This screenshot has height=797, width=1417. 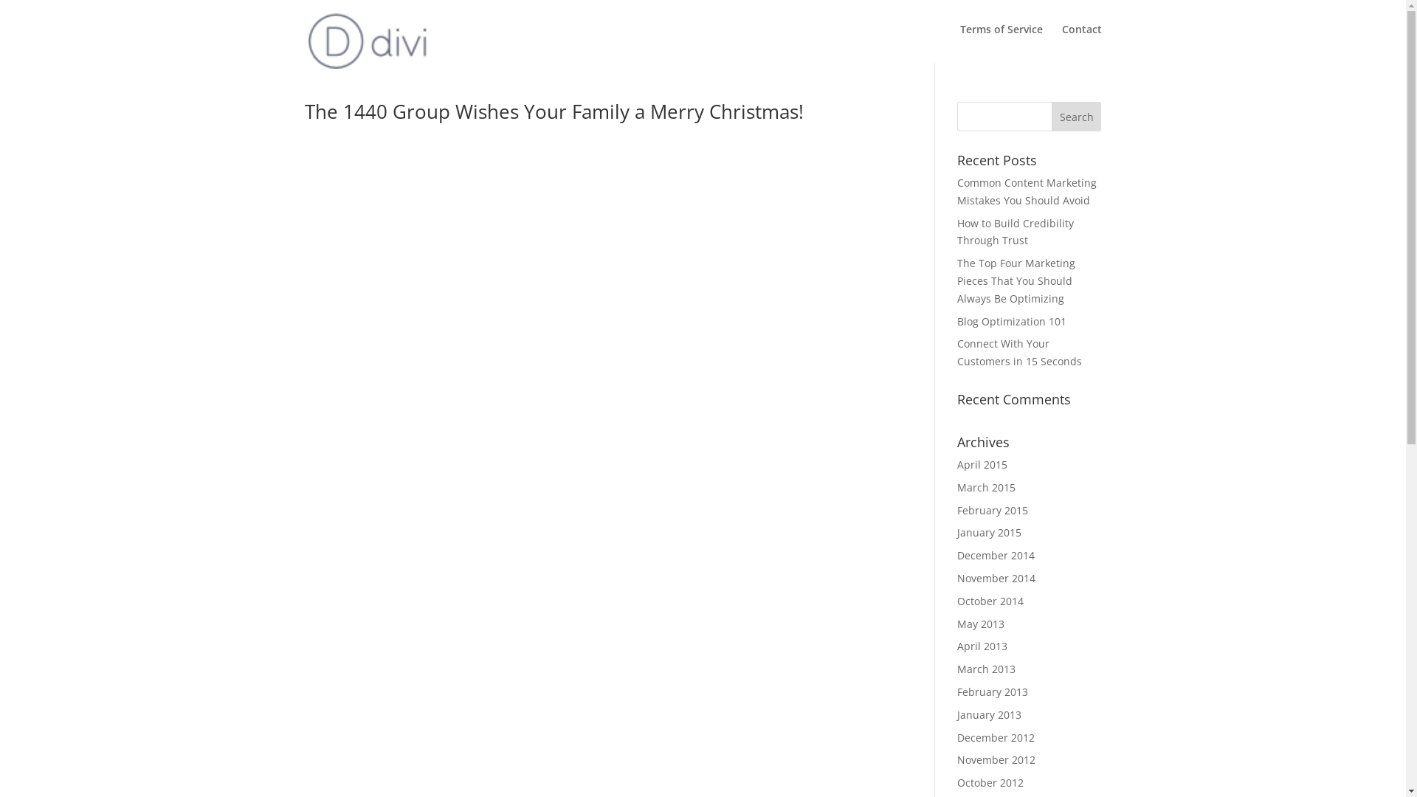 What do you see at coordinates (1077, 116) in the screenshot?
I see `'Search'` at bounding box center [1077, 116].